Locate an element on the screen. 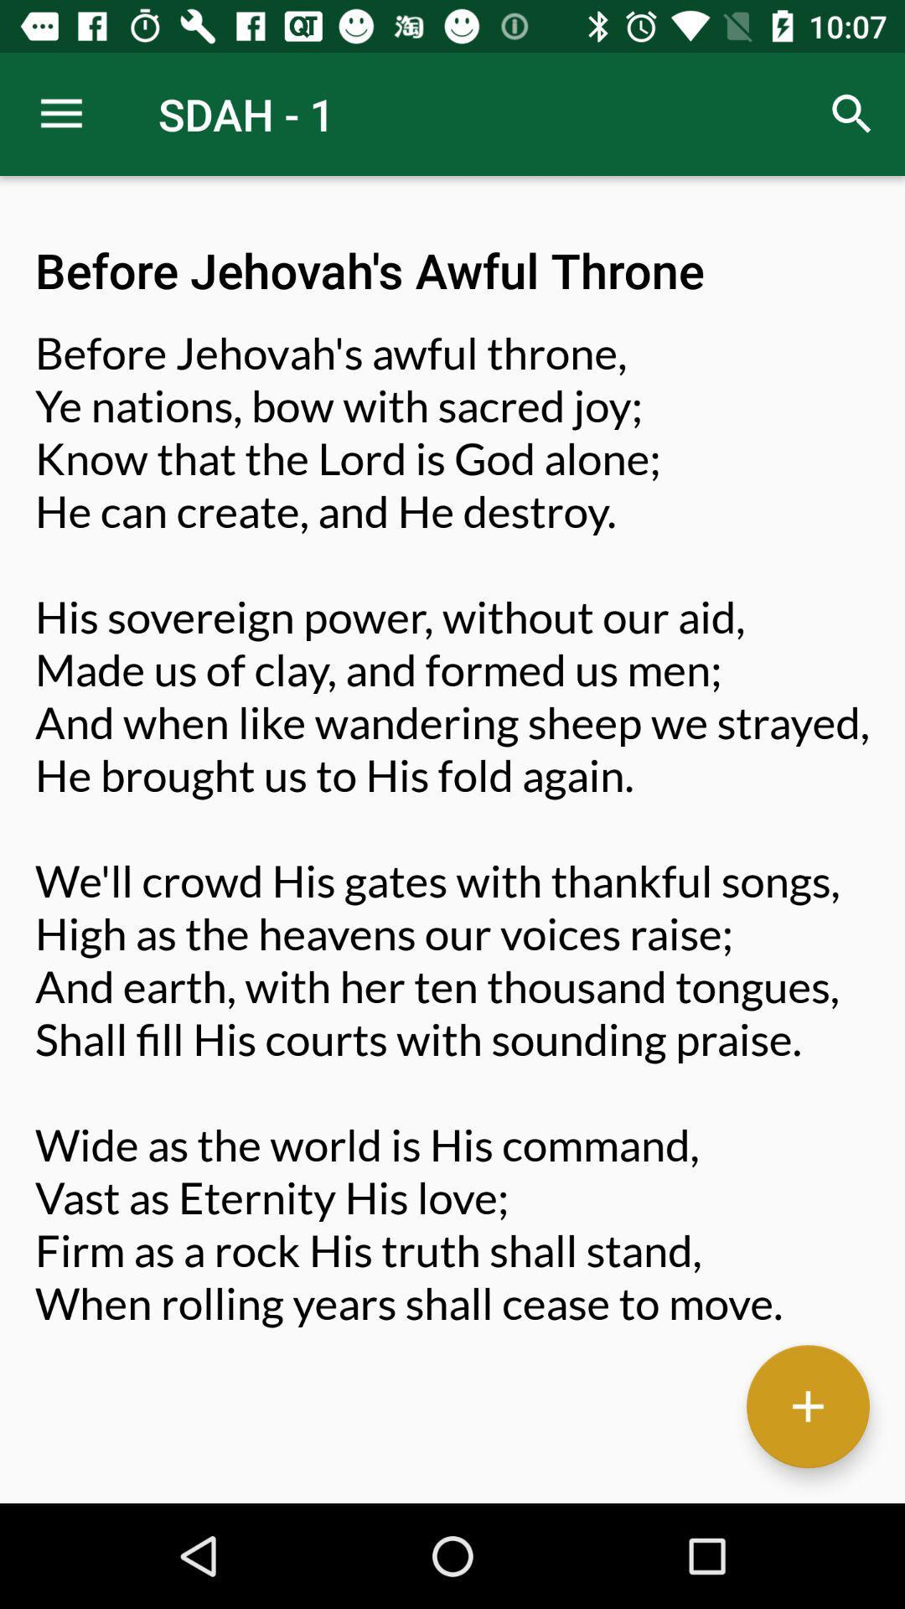  read more is located at coordinates (807, 1406).